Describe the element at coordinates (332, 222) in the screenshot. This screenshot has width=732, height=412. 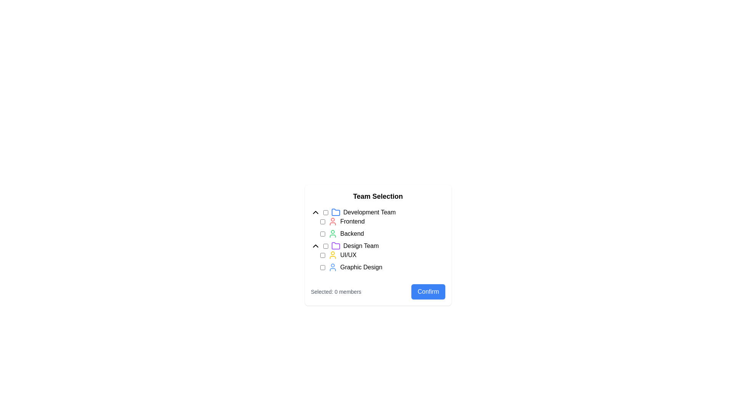
I see `the user silhouette icon, which is styled in red and represents a user profile, located between a checkbox and the text 'Frontend'` at that location.